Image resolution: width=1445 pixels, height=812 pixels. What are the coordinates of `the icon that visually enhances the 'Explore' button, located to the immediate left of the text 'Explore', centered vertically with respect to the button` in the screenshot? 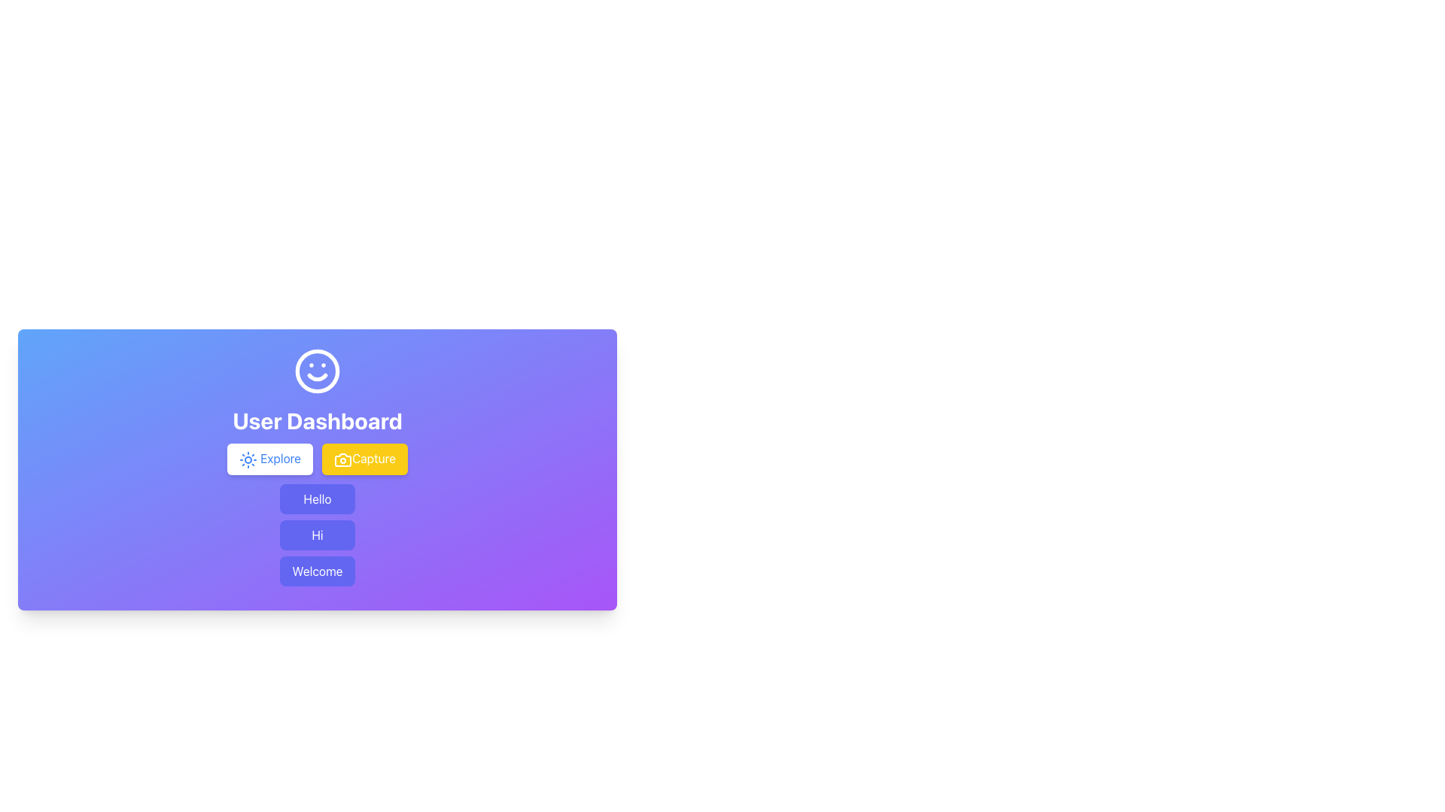 It's located at (248, 459).